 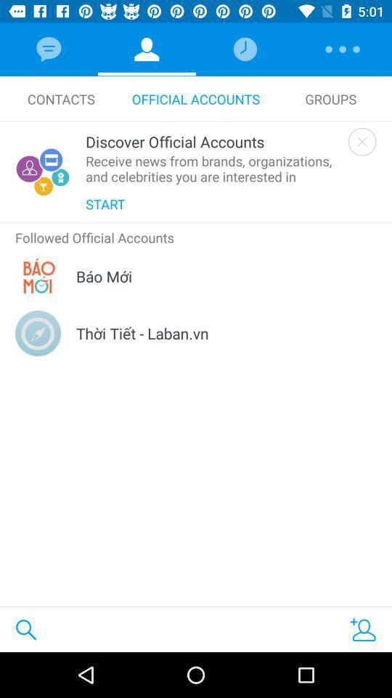 I want to click on tab, so click(x=362, y=142).